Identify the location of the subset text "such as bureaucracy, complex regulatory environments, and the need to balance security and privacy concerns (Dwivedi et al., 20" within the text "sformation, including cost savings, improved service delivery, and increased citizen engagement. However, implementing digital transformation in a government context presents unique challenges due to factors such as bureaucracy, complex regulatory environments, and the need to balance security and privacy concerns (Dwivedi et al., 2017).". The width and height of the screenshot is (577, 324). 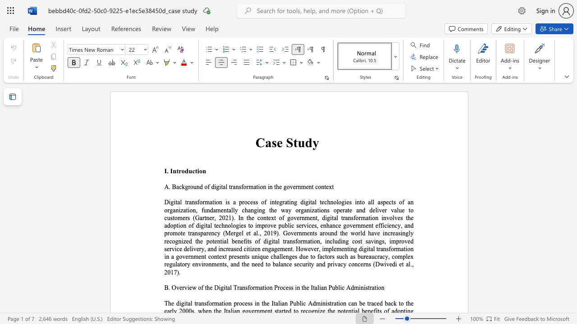
(336, 256).